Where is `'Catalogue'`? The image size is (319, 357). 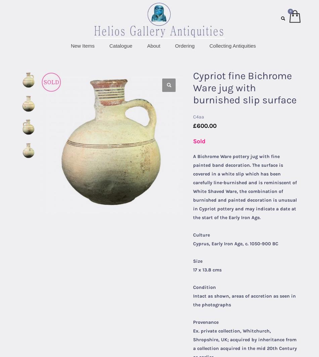
'Catalogue' is located at coordinates (108, 45).